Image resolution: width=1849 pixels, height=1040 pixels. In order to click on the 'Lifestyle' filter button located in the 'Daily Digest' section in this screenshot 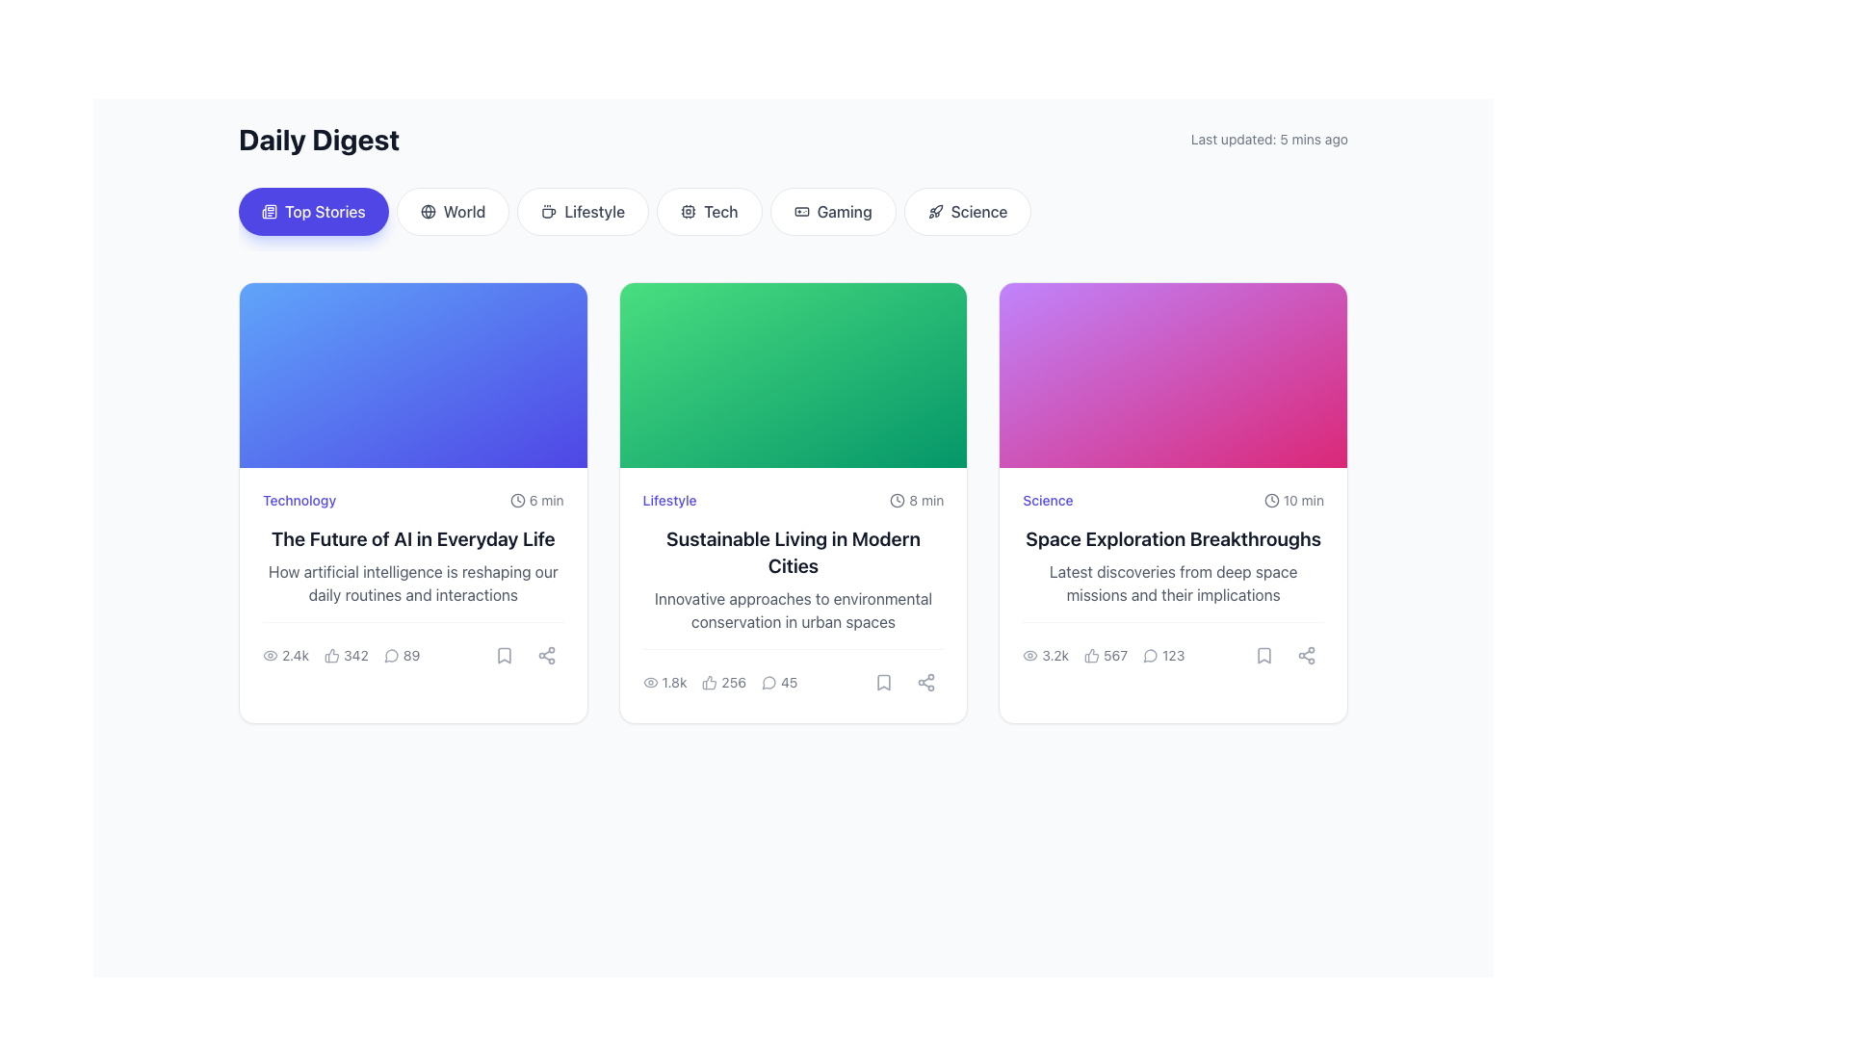, I will do `click(582, 211)`.